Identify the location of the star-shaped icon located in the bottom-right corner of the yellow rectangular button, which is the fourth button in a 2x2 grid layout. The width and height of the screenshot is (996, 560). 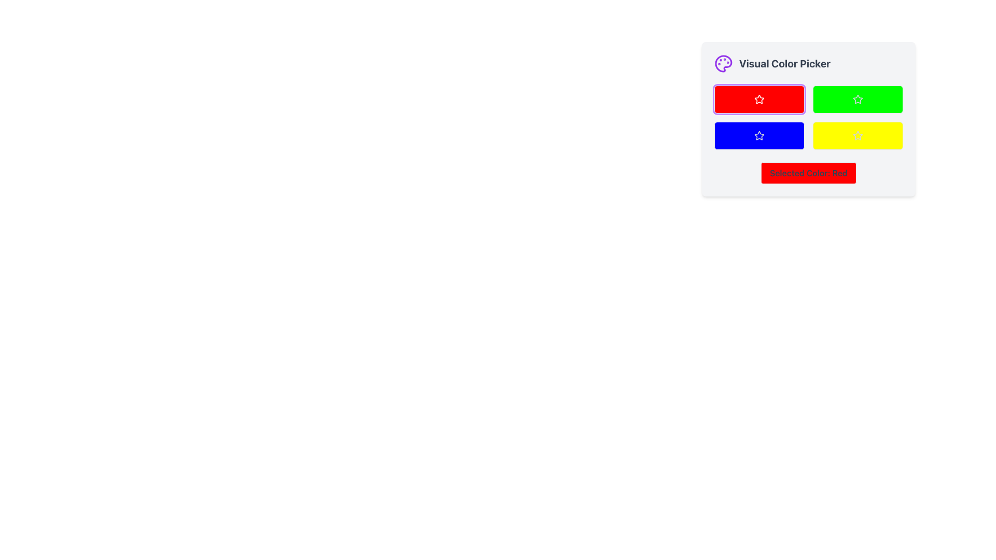
(858, 135).